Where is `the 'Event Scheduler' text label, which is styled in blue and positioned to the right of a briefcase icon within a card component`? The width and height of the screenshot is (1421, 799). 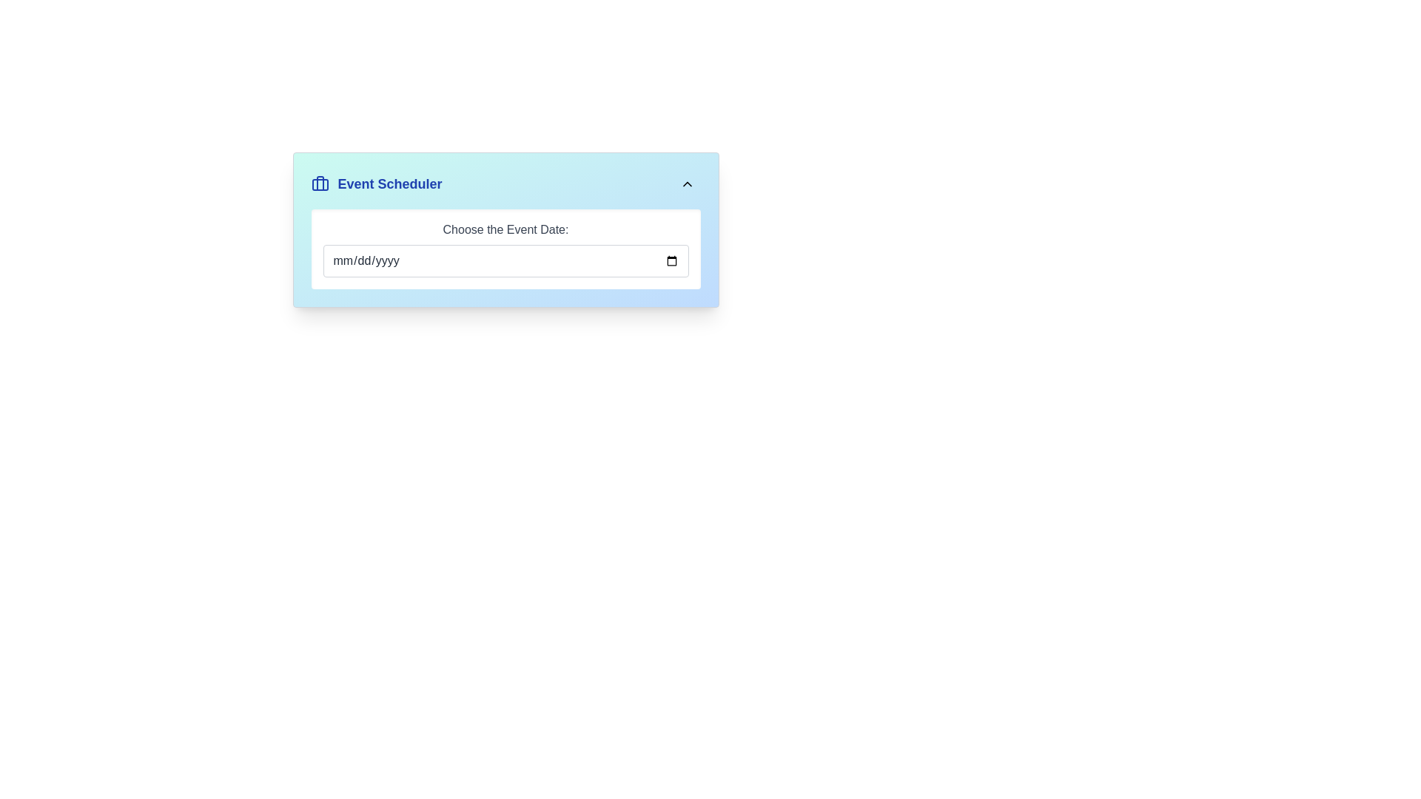 the 'Event Scheduler' text label, which is styled in blue and positioned to the right of a briefcase icon within a card component is located at coordinates (390, 183).